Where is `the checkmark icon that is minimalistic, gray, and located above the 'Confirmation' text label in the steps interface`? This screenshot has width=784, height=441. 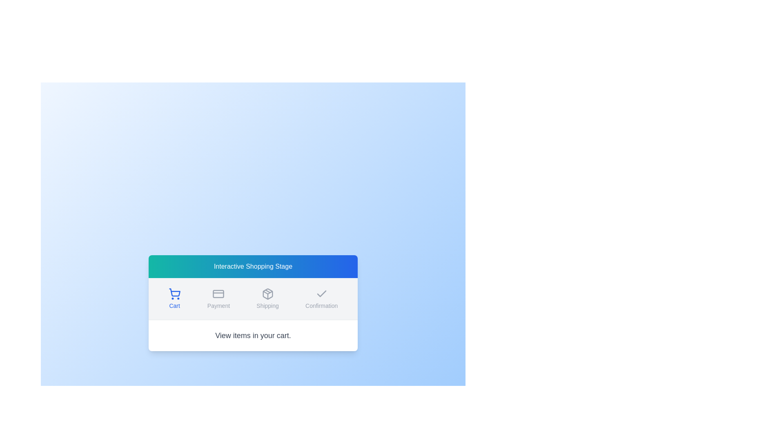
the checkmark icon that is minimalistic, gray, and located above the 'Confirmation' text label in the steps interface is located at coordinates (321, 293).